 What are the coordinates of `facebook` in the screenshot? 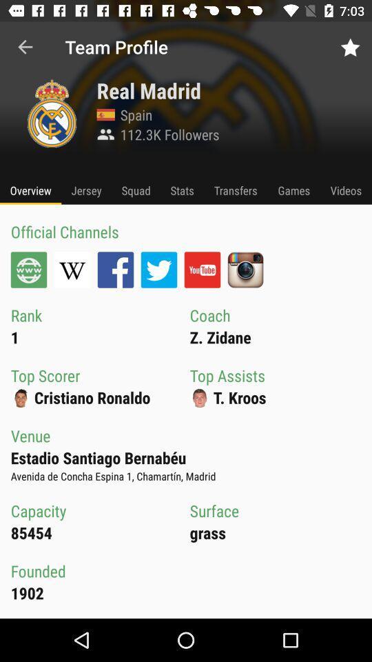 It's located at (114, 269).